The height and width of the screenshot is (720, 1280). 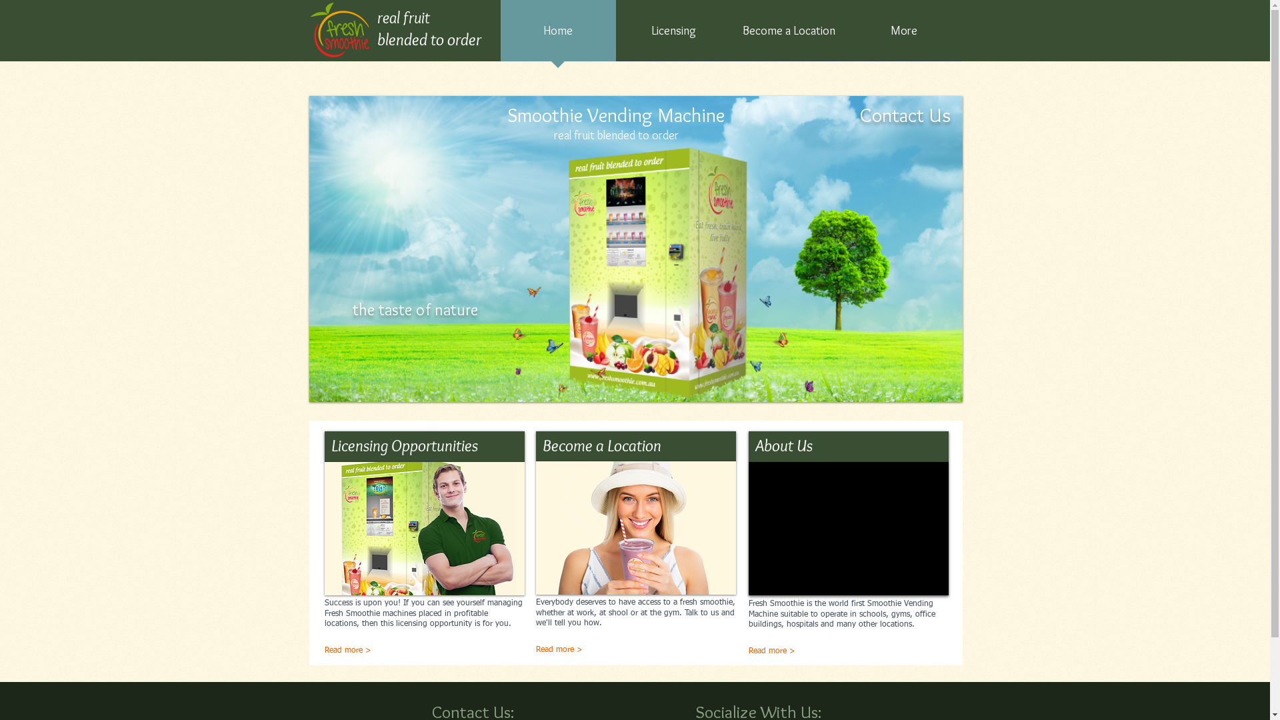 What do you see at coordinates (805, 651) in the screenshot?
I see `'Read more >'` at bounding box center [805, 651].